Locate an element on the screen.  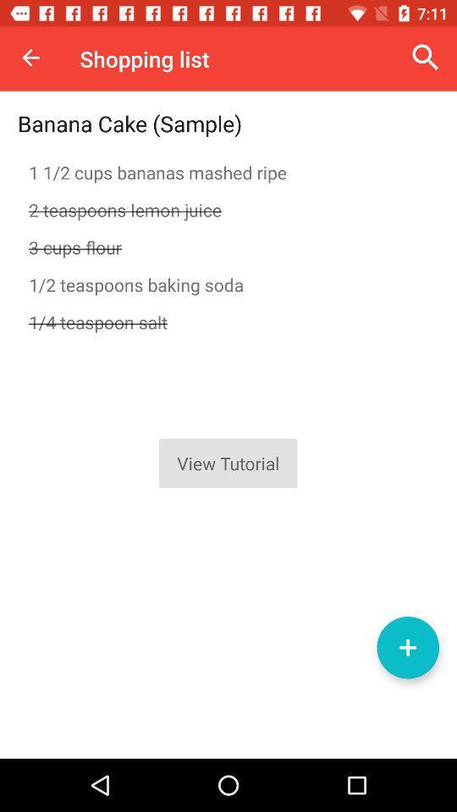
the item to the right of the shopping list item is located at coordinates (425, 58).